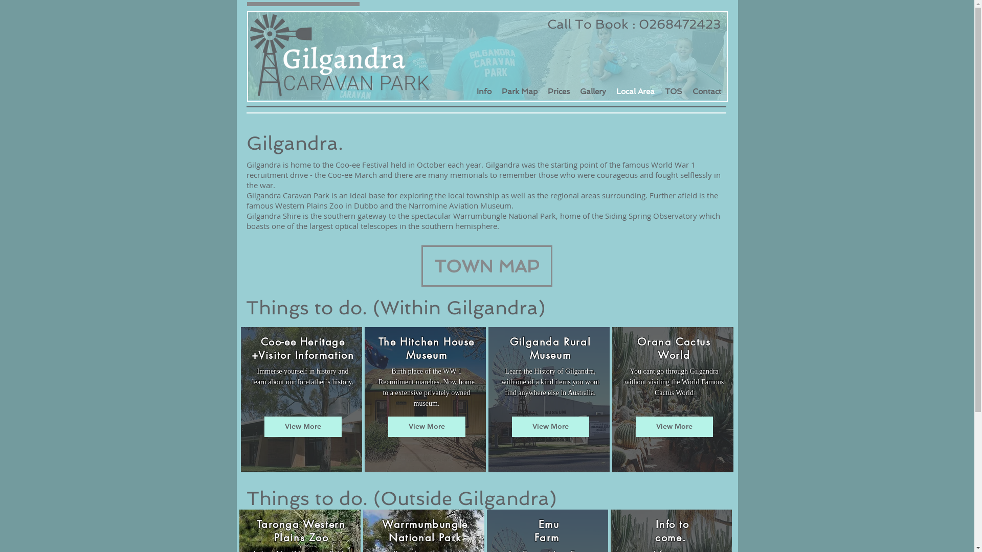 The height and width of the screenshot is (552, 982). What do you see at coordinates (634, 90) in the screenshot?
I see `'Local Area'` at bounding box center [634, 90].